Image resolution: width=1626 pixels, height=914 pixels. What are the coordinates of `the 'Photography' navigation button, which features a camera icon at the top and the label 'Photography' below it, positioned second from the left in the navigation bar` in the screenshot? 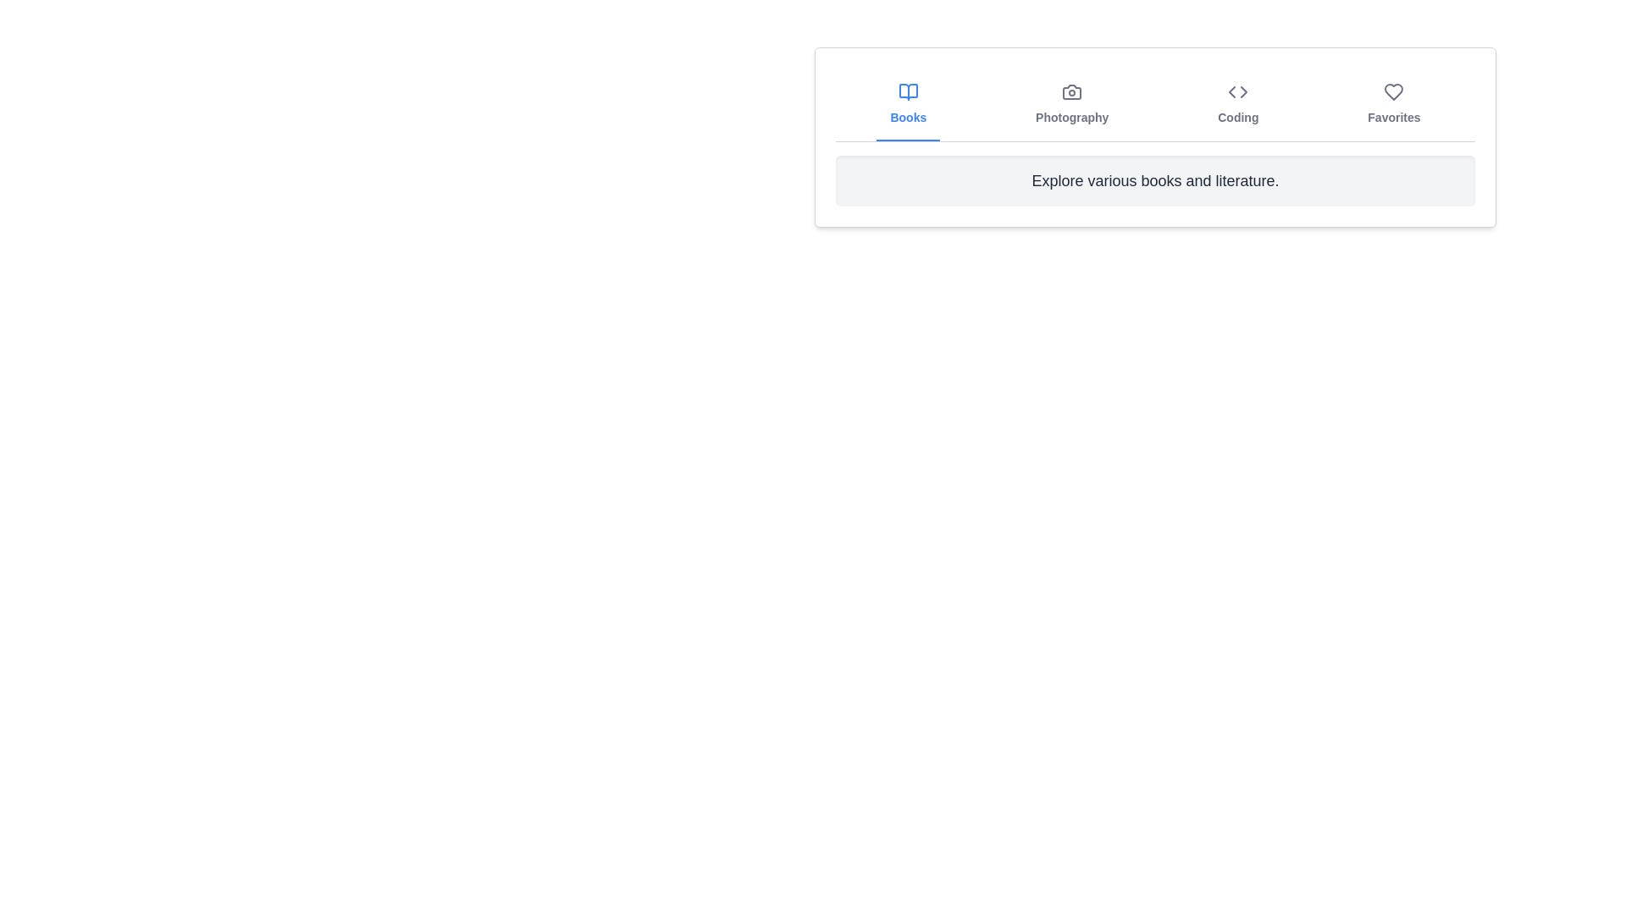 It's located at (1071, 104).